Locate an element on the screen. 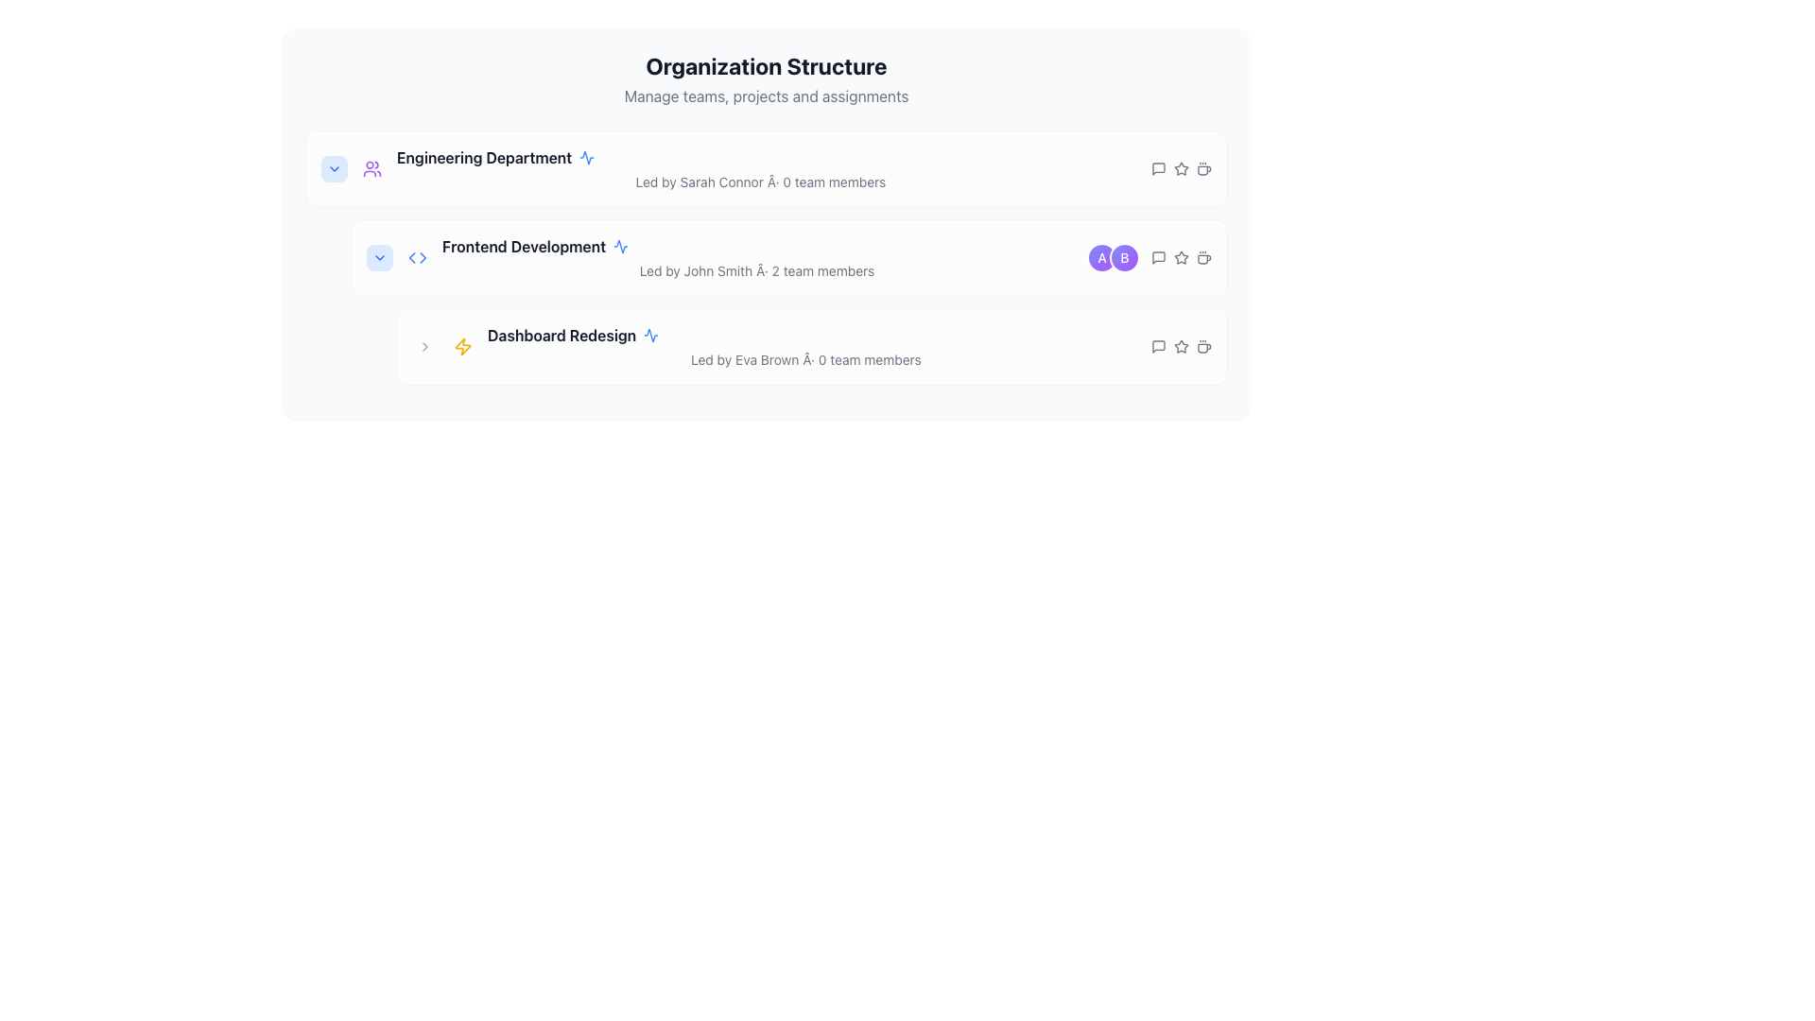 Image resolution: width=1815 pixels, height=1021 pixels. details displayed in the informational block labeled 'Frontend Development' located between 'Engineering Department' and 'Dashboard Redesign' is located at coordinates (757, 258).